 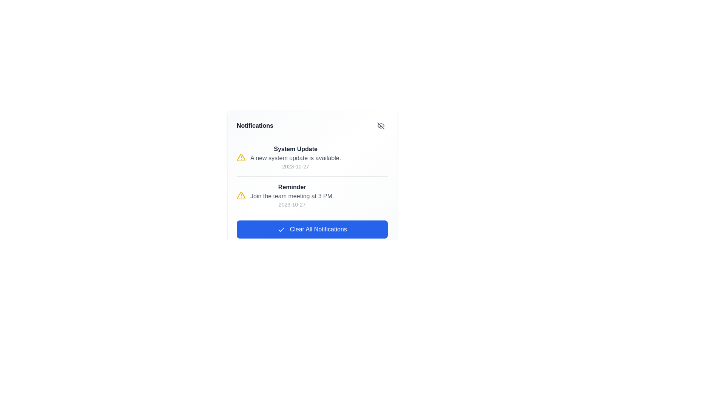 I want to click on the Notification item titled 'System Update' which displays an alert message about a new system update available, so click(x=312, y=157).